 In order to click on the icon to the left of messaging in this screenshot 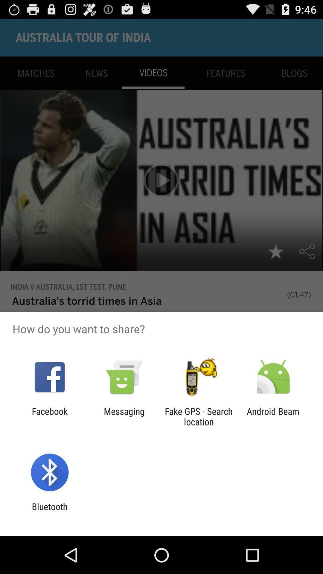, I will do `click(49, 416)`.